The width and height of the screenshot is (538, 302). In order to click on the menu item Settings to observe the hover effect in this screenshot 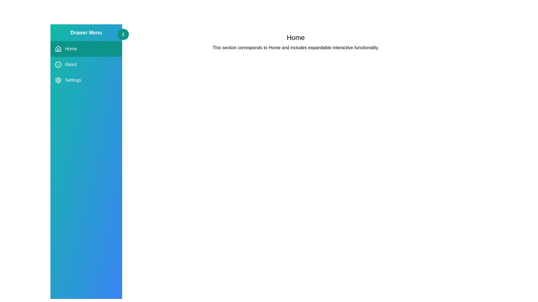, I will do `click(86, 80)`.